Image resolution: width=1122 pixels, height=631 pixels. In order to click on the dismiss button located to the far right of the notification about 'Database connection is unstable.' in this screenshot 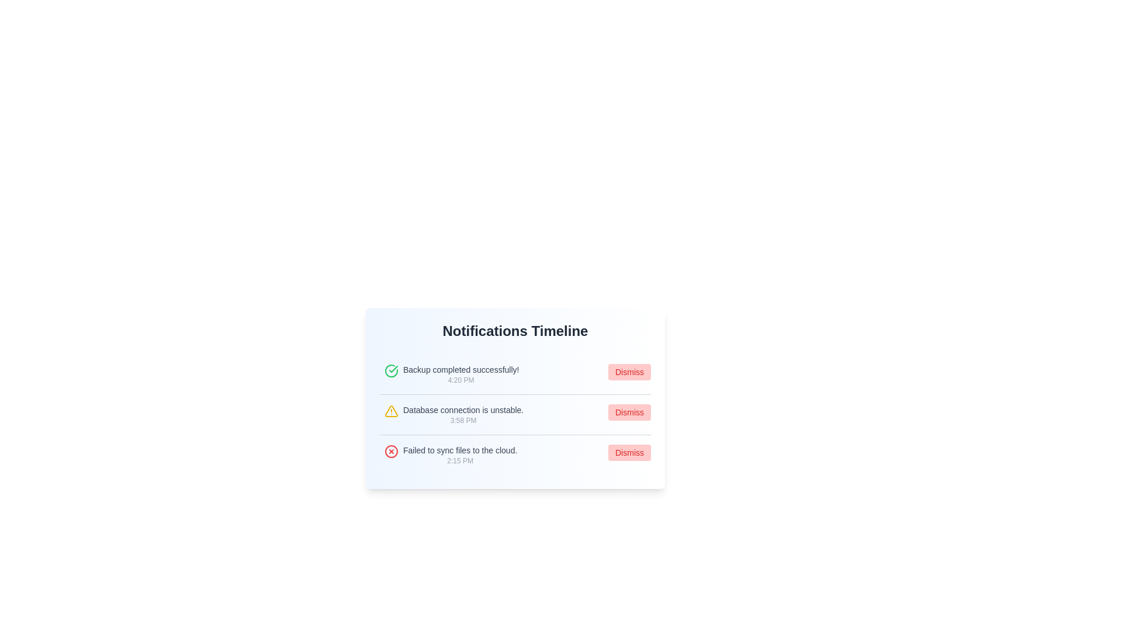, I will do `click(629, 411)`.